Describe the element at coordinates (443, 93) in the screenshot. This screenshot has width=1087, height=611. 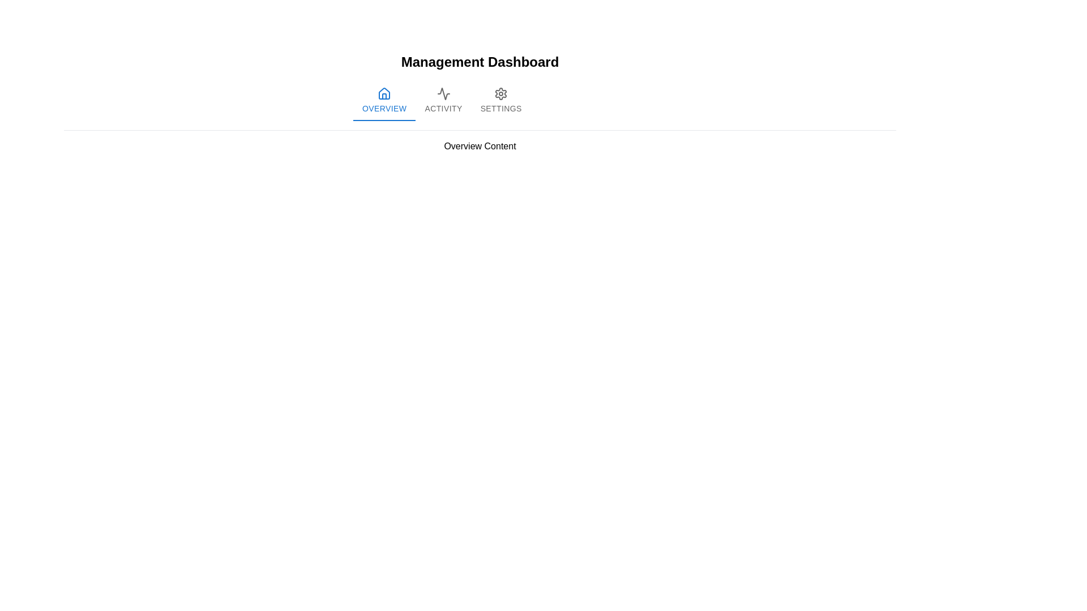
I see `the 'Activity' tab icon in the upper navigation area, positioned between the 'Overview' and 'Settings' tabs` at that location.